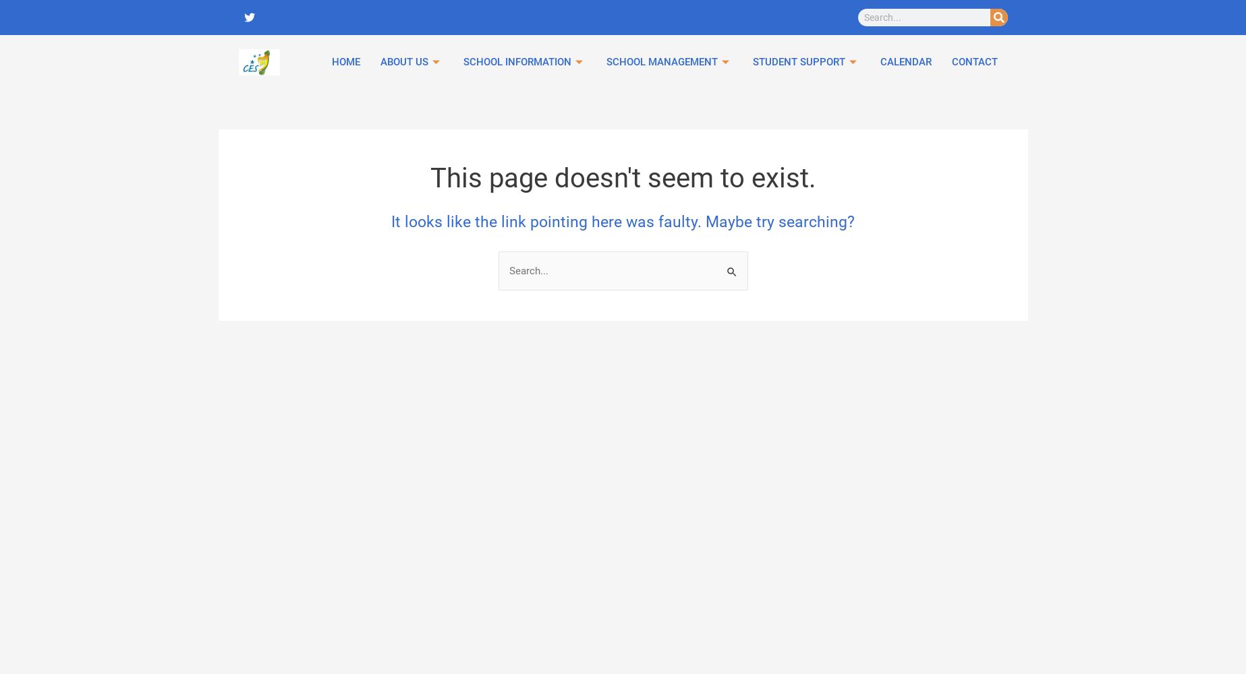  I want to click on 'School management', so click(660, 61).